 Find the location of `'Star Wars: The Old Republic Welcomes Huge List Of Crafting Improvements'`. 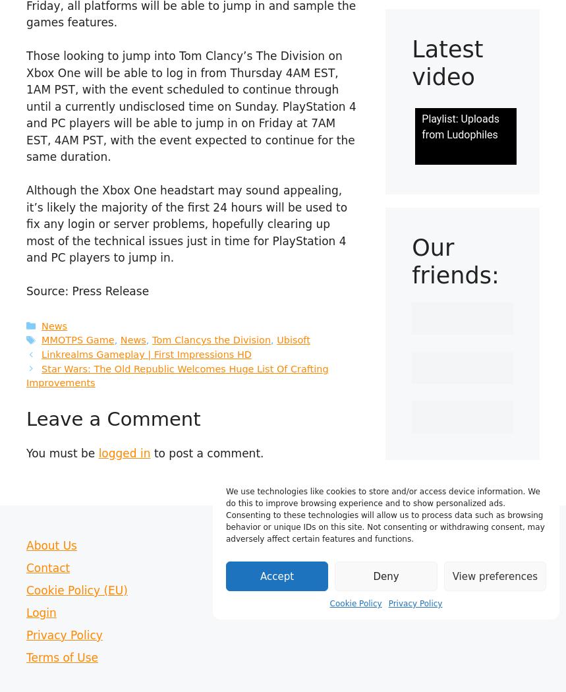

'Star Wars: The Old Republic Welcomes Huge List Of Crafting Improvements' is located at coordinates (177, 375).